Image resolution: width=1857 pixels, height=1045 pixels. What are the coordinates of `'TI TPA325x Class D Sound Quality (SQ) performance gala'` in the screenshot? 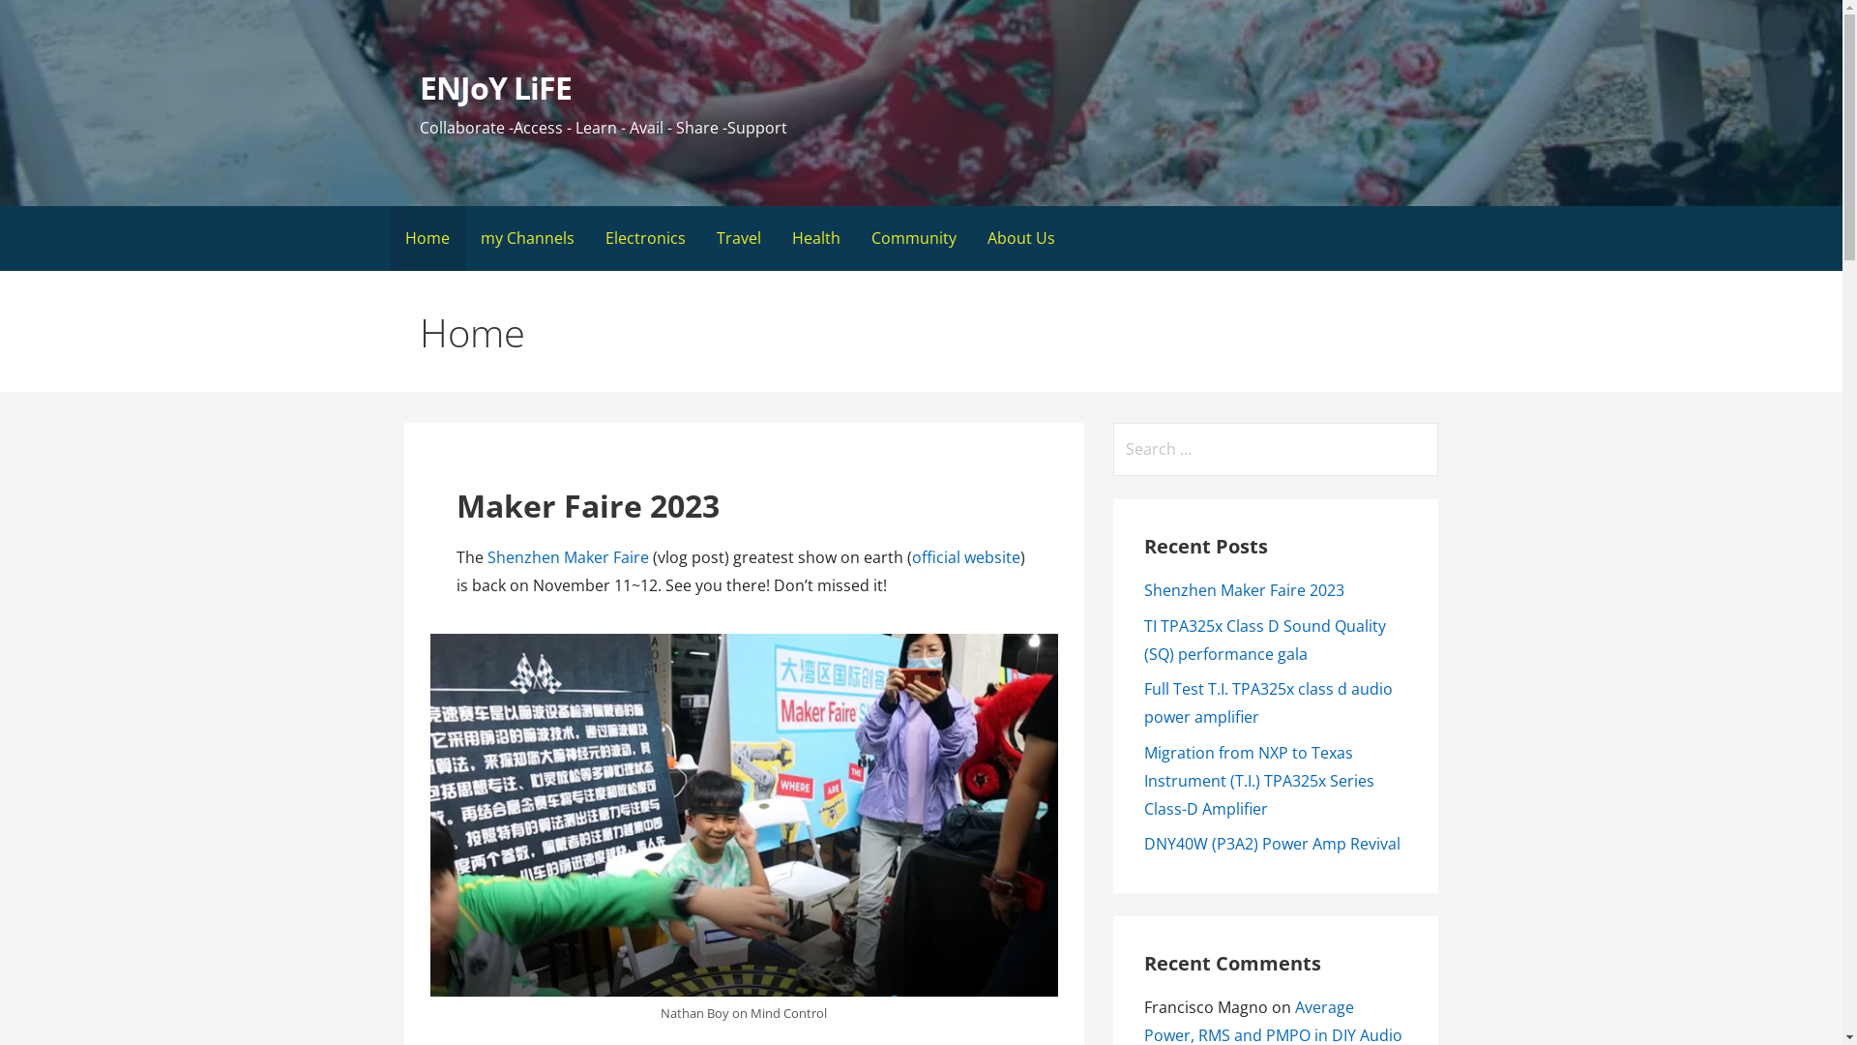 It's located at (1264, 640).